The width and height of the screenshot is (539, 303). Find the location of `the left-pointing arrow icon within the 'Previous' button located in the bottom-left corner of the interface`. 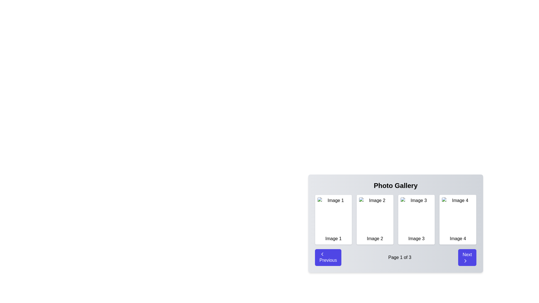

the left-pointing arrow icon within the 'Previous' button located in the bottom-left corner of the interface is located at coordinates (322, 254).